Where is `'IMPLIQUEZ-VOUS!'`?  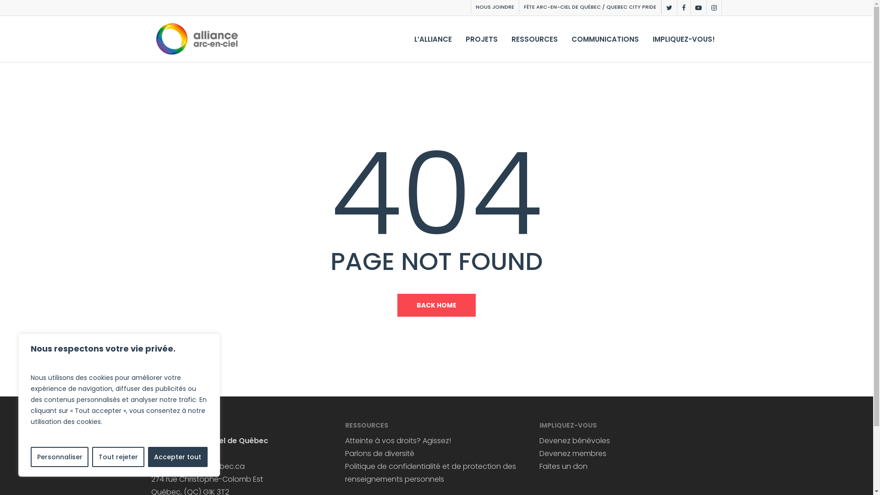 'IMPLIQUEZ-VOUS!' is located at coordinates (684, 38).